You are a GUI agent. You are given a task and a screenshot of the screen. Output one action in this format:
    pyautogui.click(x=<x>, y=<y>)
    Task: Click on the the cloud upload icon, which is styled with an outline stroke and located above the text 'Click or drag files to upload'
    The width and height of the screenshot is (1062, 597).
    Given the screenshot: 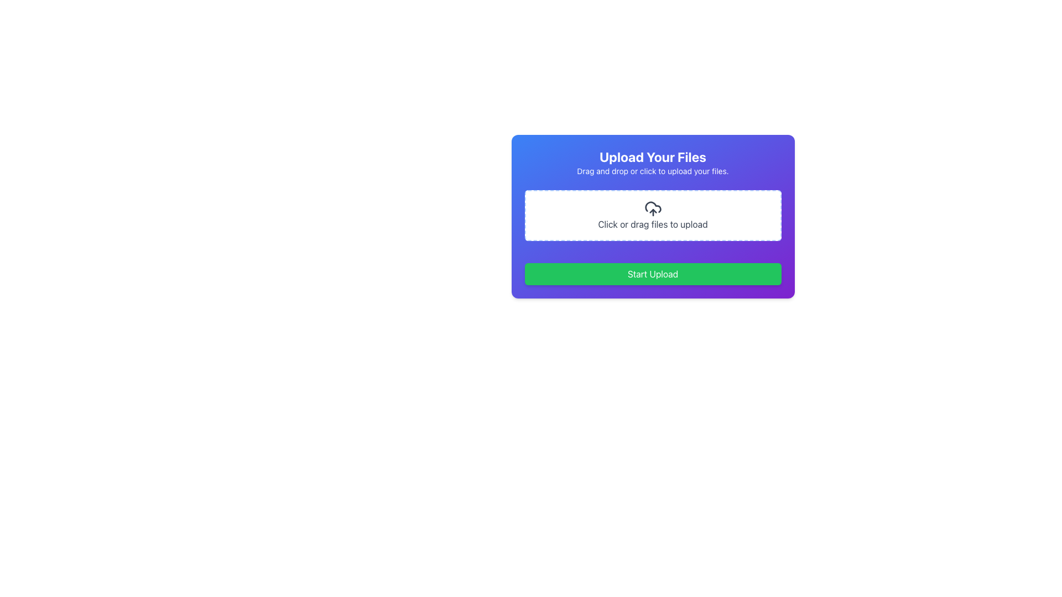 What is the action you would take?
    pyautogui.click(x=653, y=209)
    